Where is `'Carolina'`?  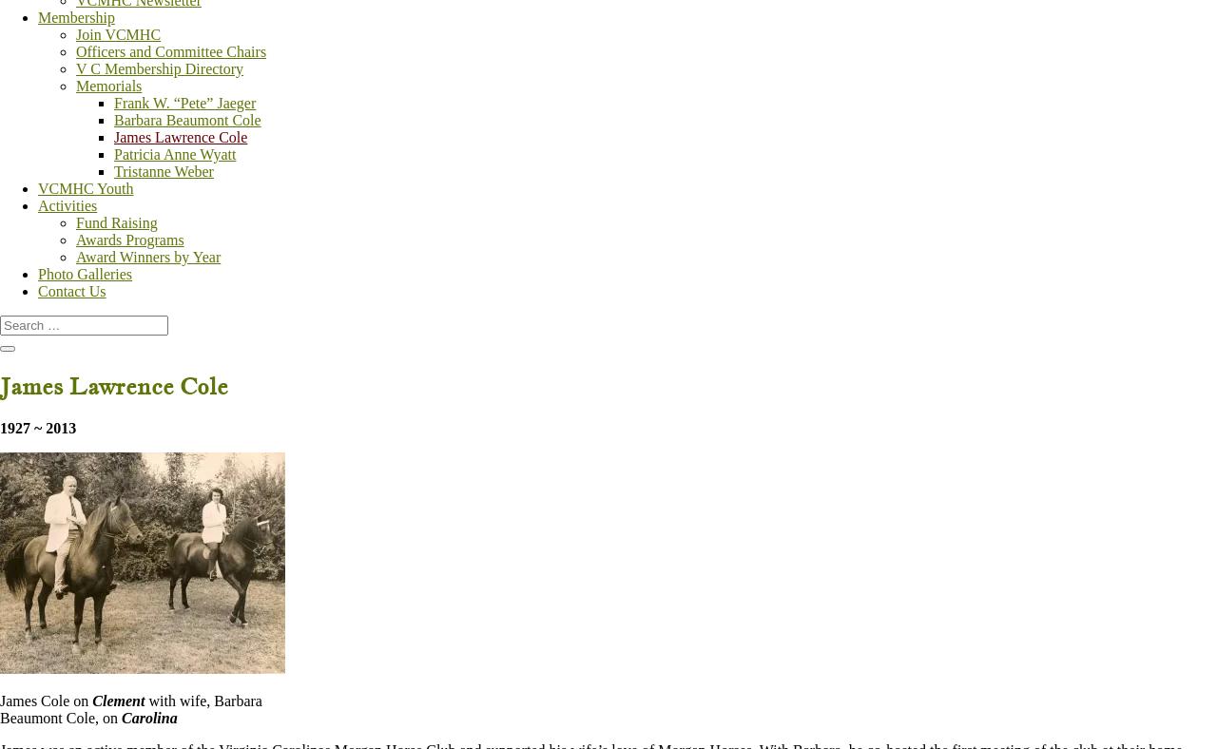 'Carolina' is located at coordinates (147, 717).